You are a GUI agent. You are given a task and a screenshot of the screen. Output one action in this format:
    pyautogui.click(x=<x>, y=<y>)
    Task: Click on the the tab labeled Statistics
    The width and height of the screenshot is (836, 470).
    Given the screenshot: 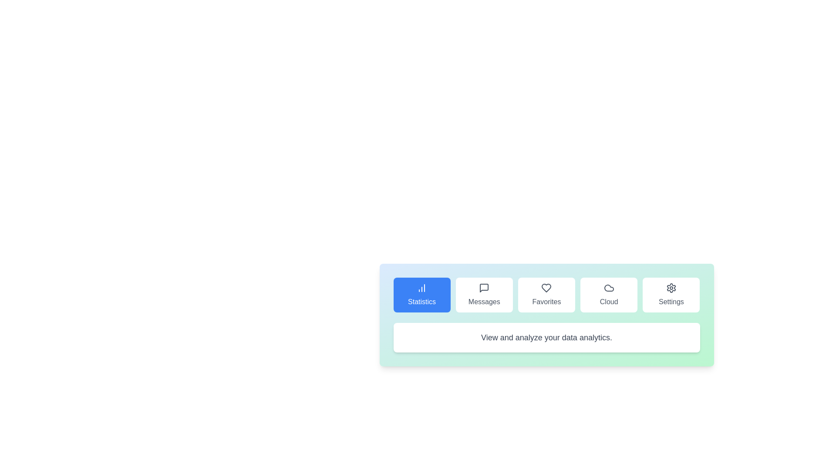 What is the action you would take?
    pyautogui.click(x=422, y=295)
    